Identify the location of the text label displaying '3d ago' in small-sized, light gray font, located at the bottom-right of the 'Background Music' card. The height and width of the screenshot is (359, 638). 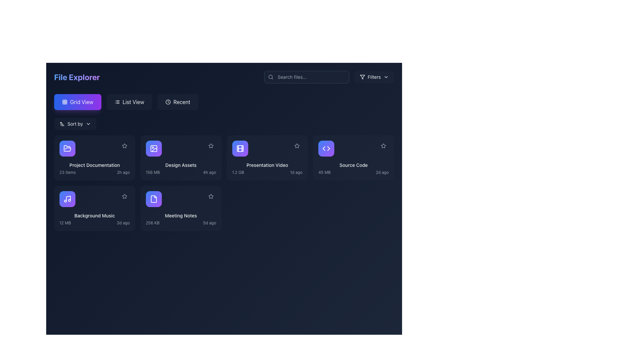
(123, 223).